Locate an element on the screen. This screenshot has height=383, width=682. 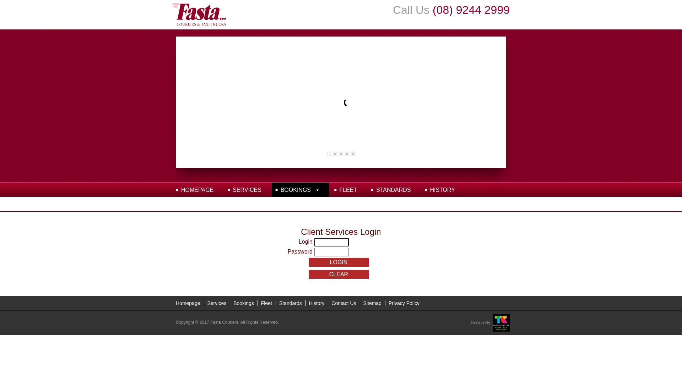
'CONTACT US' is located at coordinates (199, 204).